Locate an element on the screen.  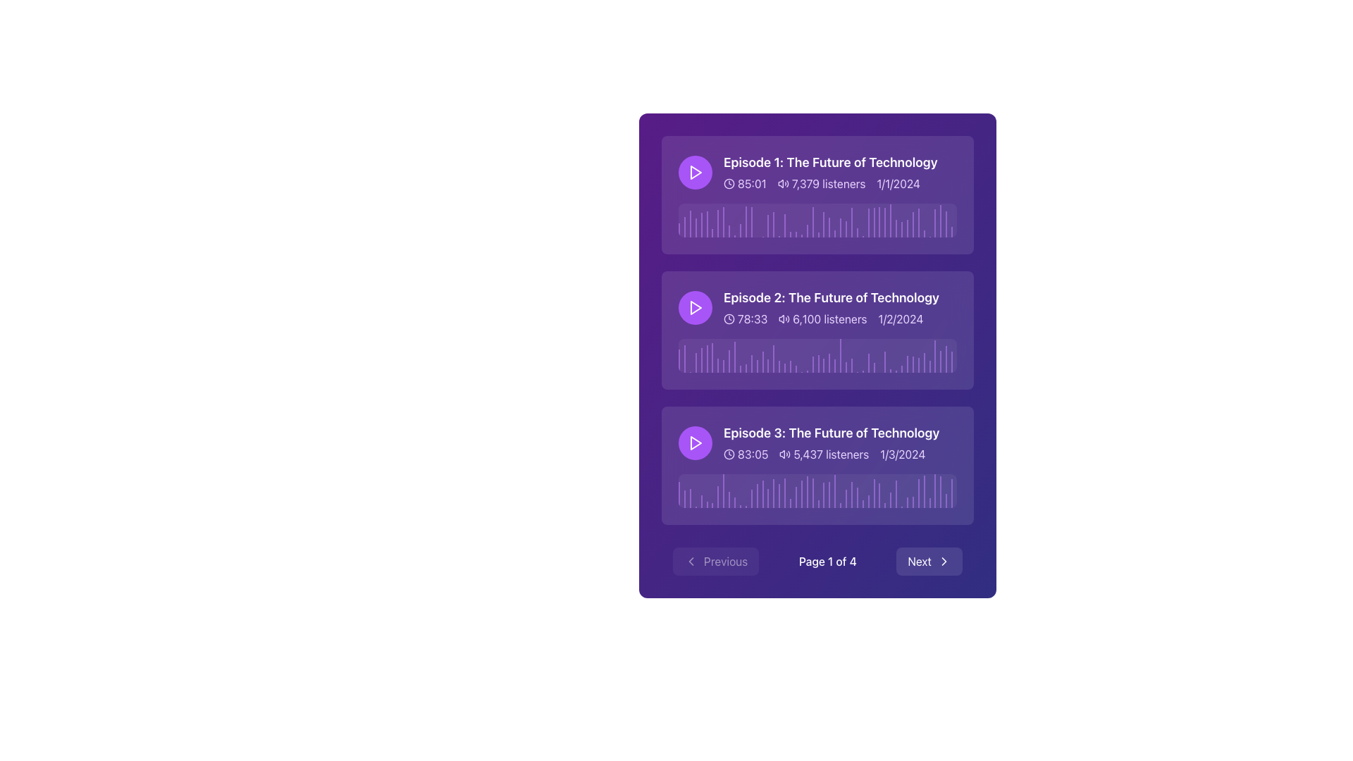
the second component in the horizontal group displaying listener statistics for the podcast episode, located between the runtime information and the date is located at coordinates (822, 183).